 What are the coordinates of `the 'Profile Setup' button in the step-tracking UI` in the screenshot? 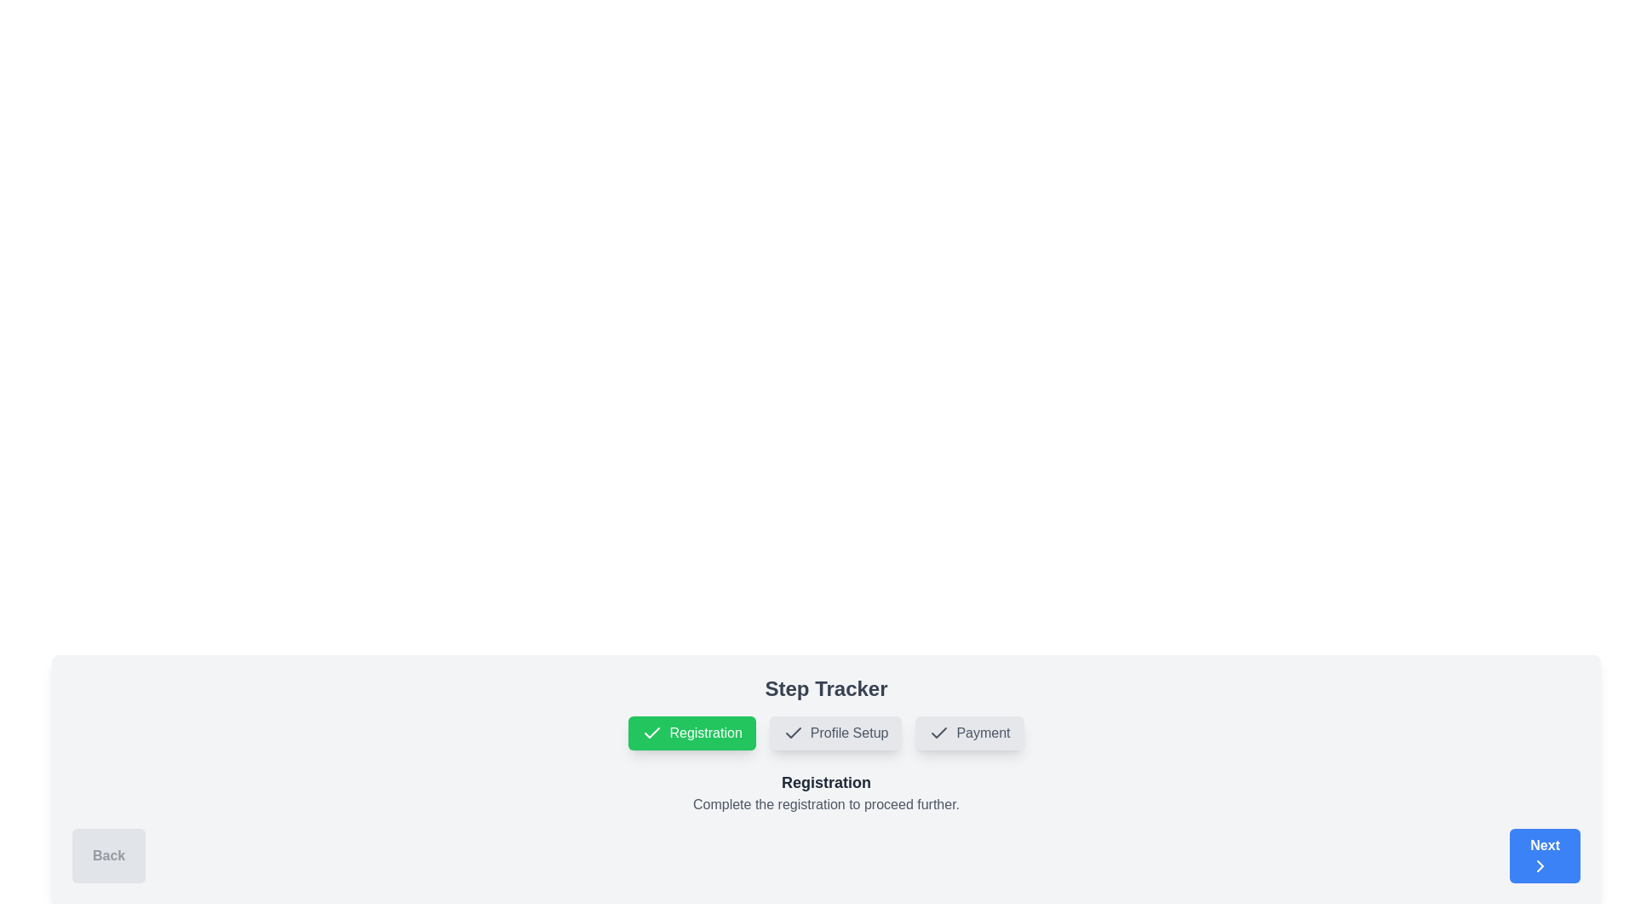 It's located at (835, 732).